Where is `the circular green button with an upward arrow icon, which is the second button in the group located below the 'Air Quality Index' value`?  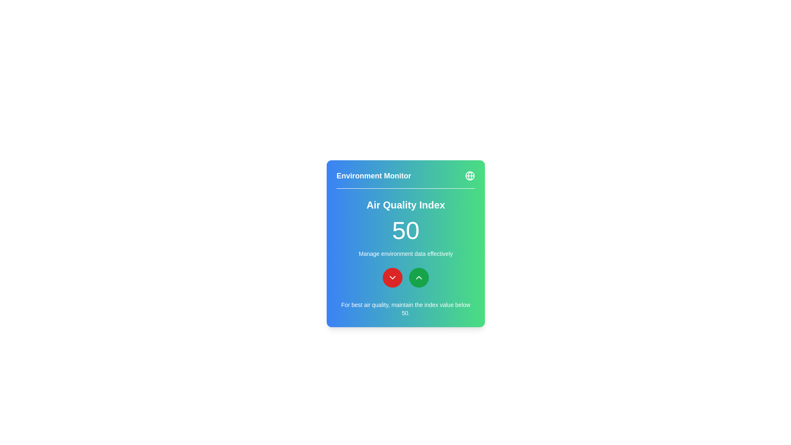
the circular green button with an upward arrow icon, which is the second button in the group located below the 'Air Quality Index' value is located at coordinates (419, 278).